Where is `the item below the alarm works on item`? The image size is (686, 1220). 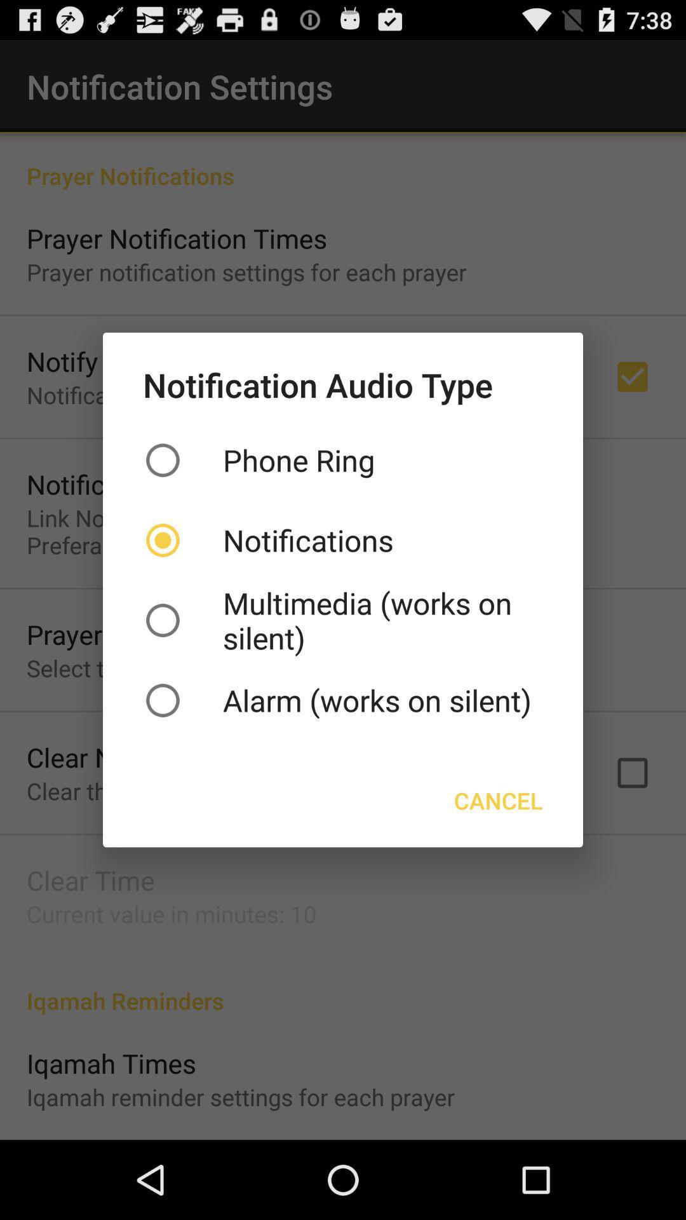
the item below the alarm works on item is located at coordinates (497, 799).